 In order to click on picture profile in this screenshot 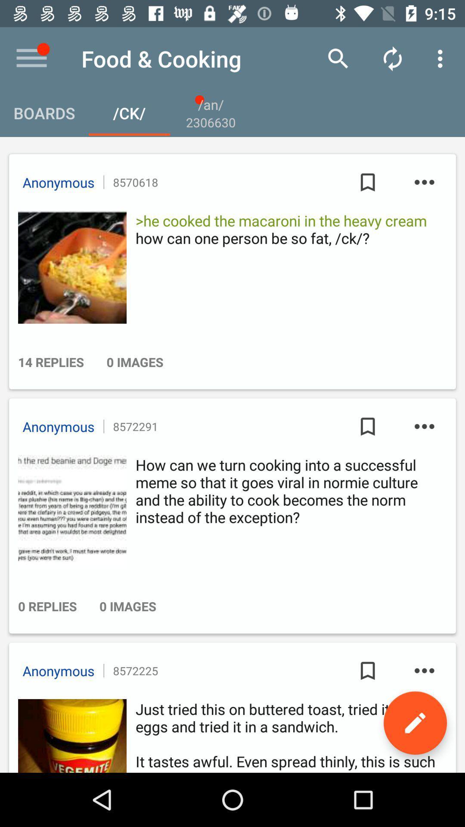, I will do `click(69, 267)`.